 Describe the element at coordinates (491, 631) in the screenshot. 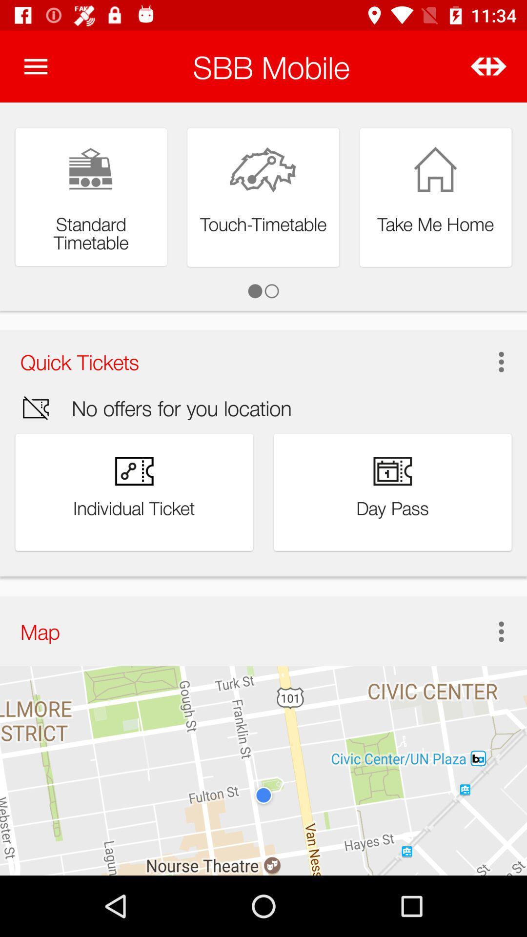

I see `the item below the no offers for item` at that location.